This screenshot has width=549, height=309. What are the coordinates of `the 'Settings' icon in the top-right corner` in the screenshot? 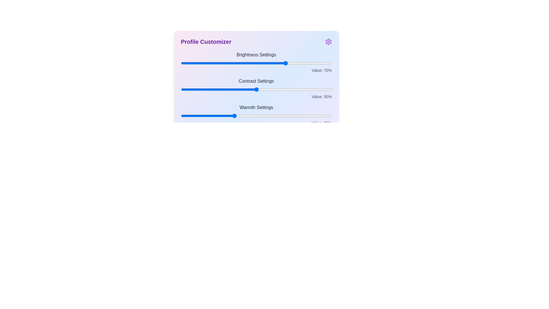 It's located at (328, 41).